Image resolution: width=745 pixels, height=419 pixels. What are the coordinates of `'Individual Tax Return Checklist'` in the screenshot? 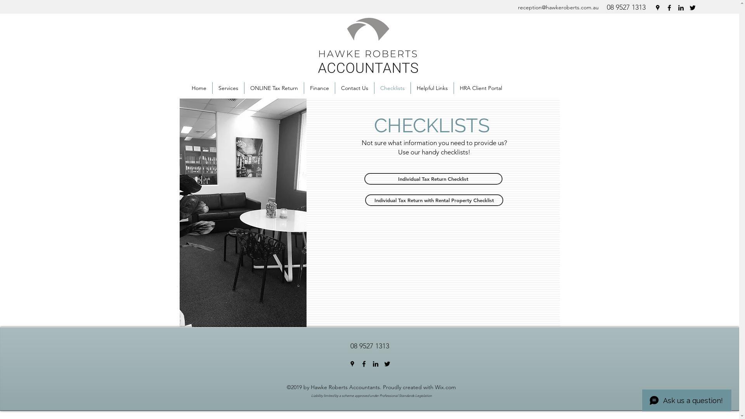 It's located at (433, 179).